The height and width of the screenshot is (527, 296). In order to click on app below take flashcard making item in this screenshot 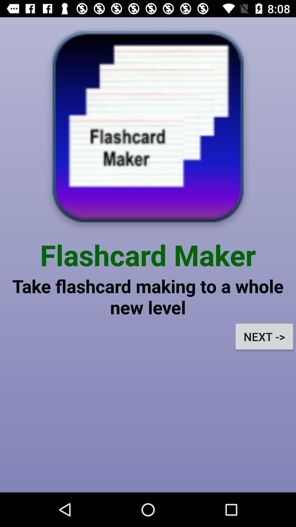, I will do `click(264, 336)`.